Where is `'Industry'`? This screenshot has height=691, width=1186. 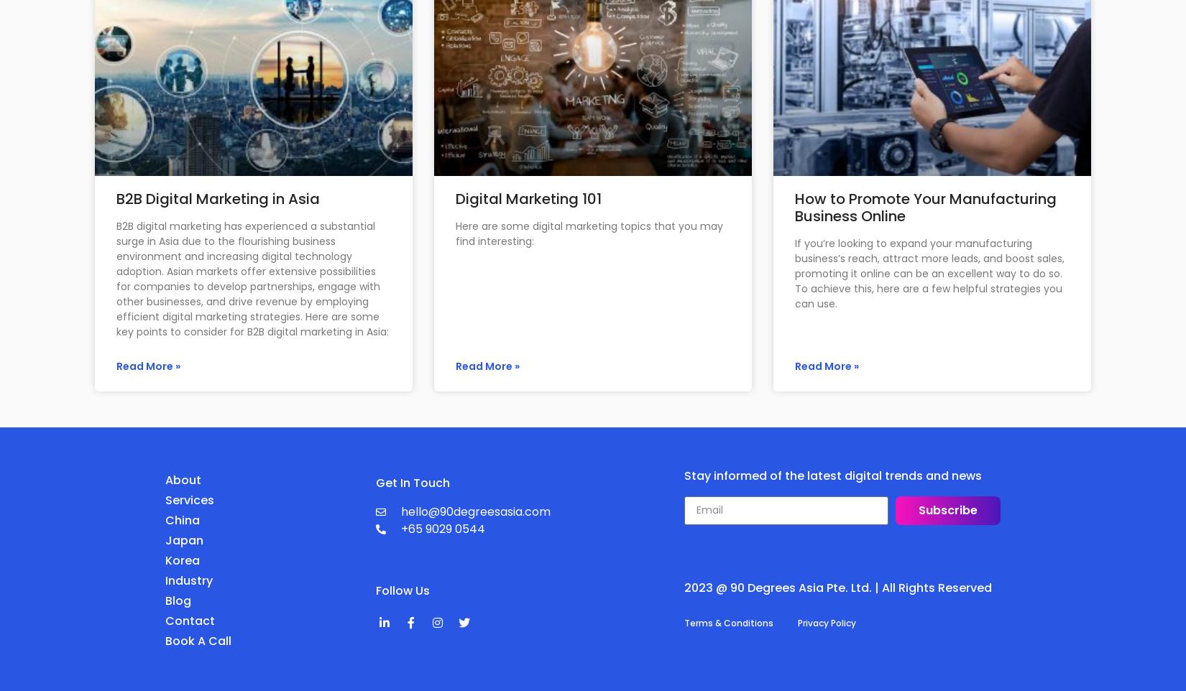 'Industry' is located at coordinates (189, 579).